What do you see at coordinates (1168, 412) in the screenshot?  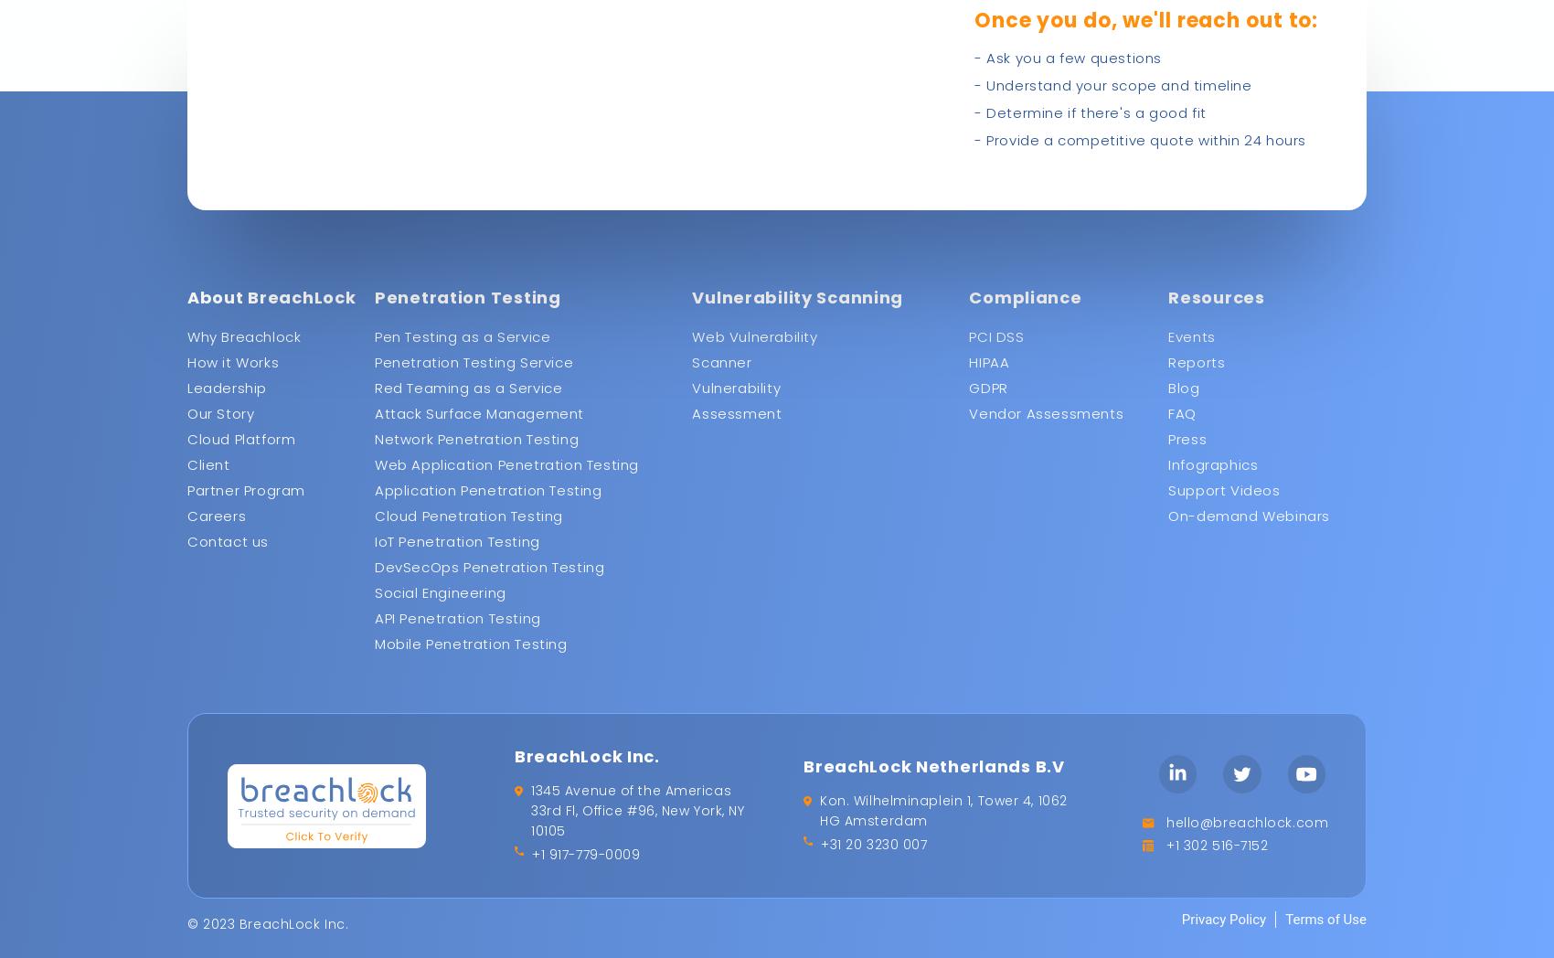 I see `'FAQ'` at bounding box center [1168, 412].